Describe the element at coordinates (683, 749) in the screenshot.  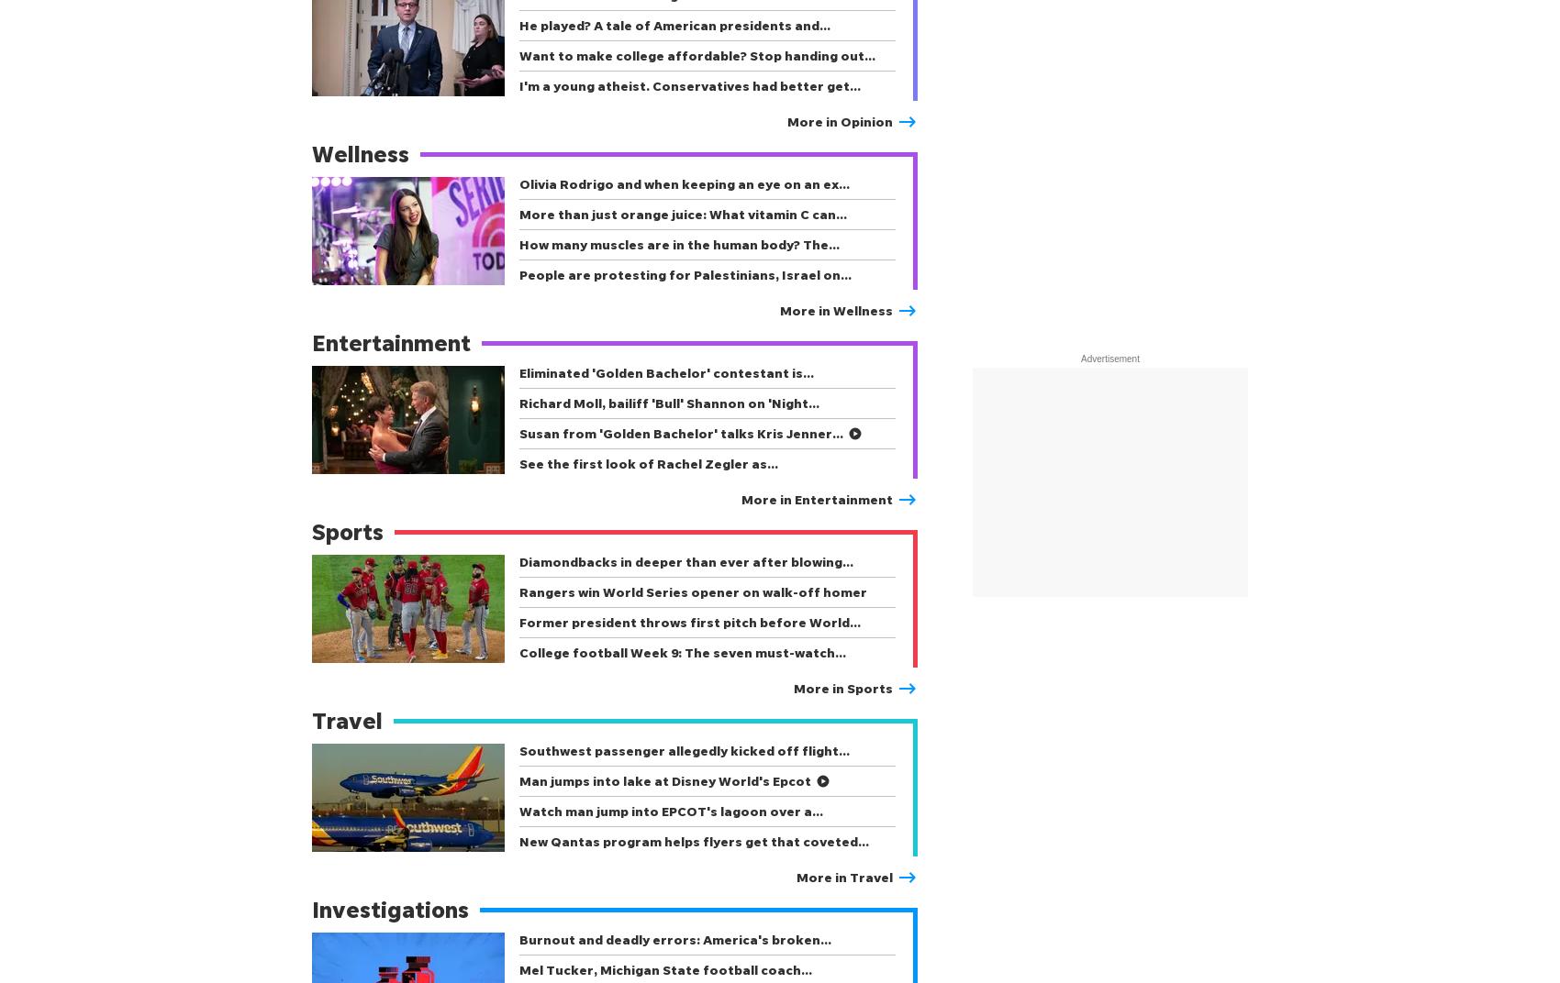
I see `'Southwest passenger allegedly kicked off flight…'` at that location.